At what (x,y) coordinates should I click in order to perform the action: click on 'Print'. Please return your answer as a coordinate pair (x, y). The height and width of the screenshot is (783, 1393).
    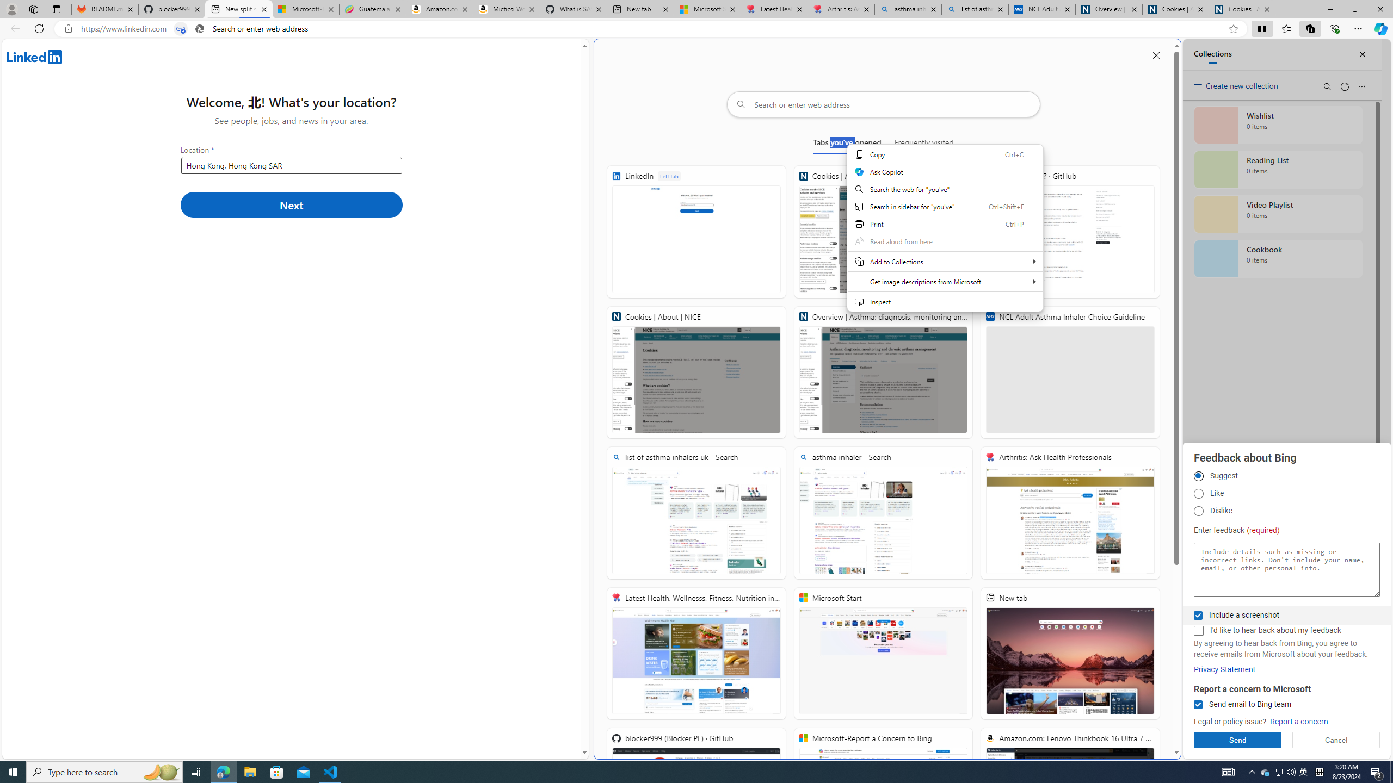
    Looking at the image, I should click on (945, 223).